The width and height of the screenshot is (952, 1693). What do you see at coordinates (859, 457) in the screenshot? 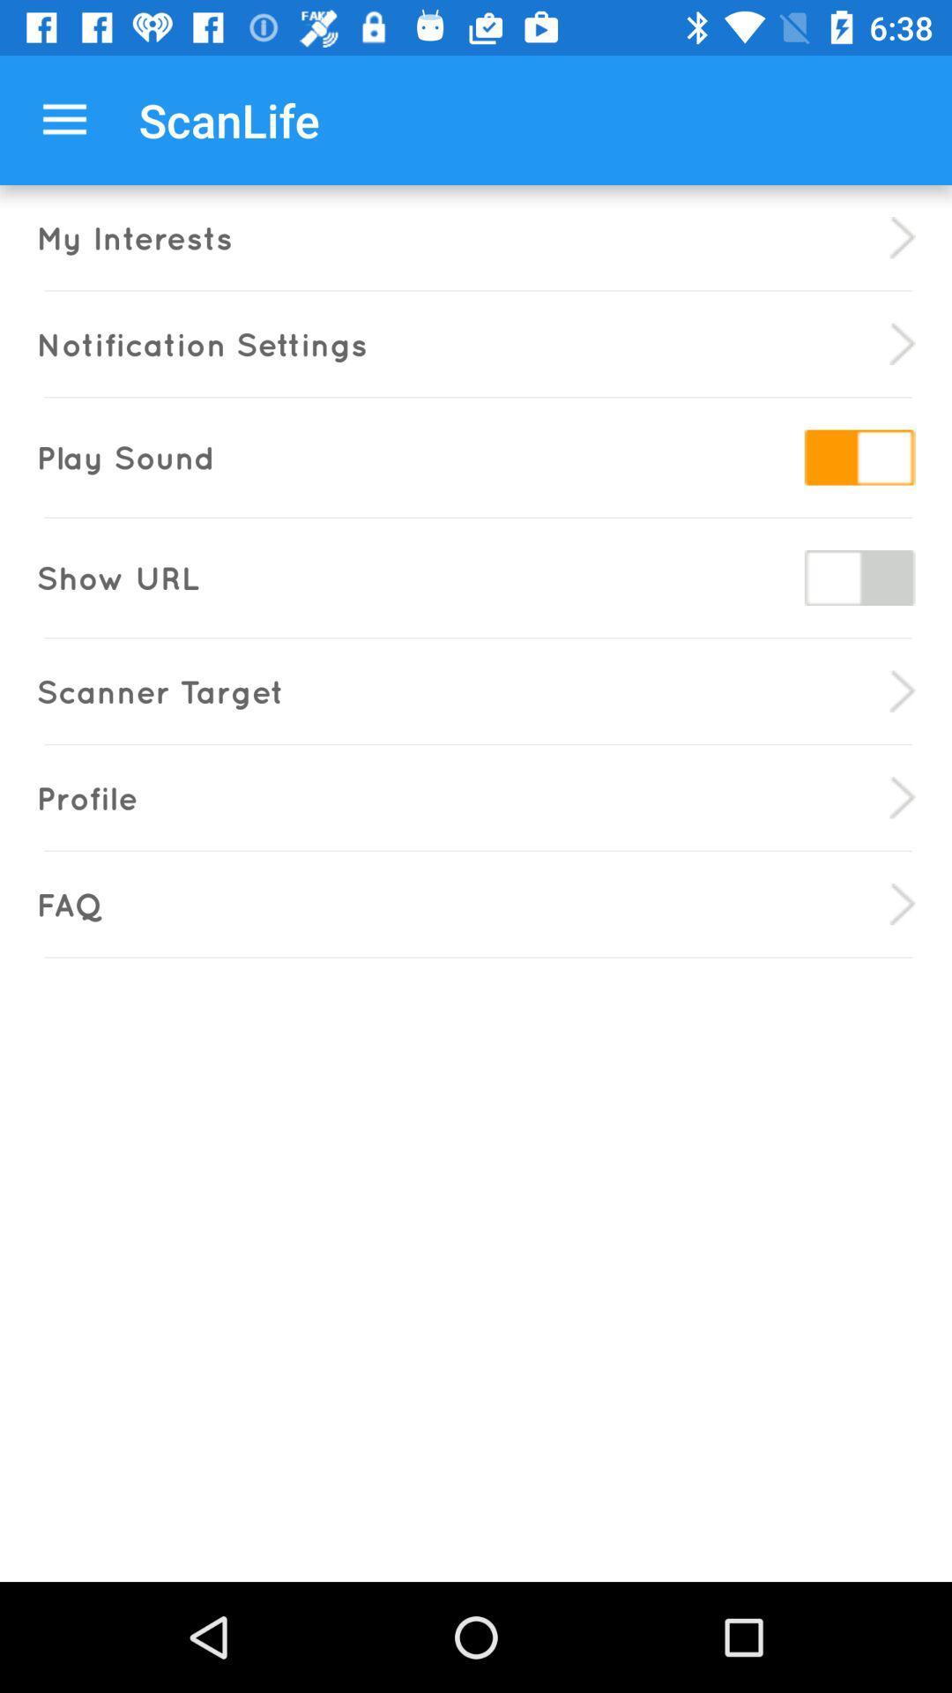
I see `switch sound` at bounding box center [859, 457].